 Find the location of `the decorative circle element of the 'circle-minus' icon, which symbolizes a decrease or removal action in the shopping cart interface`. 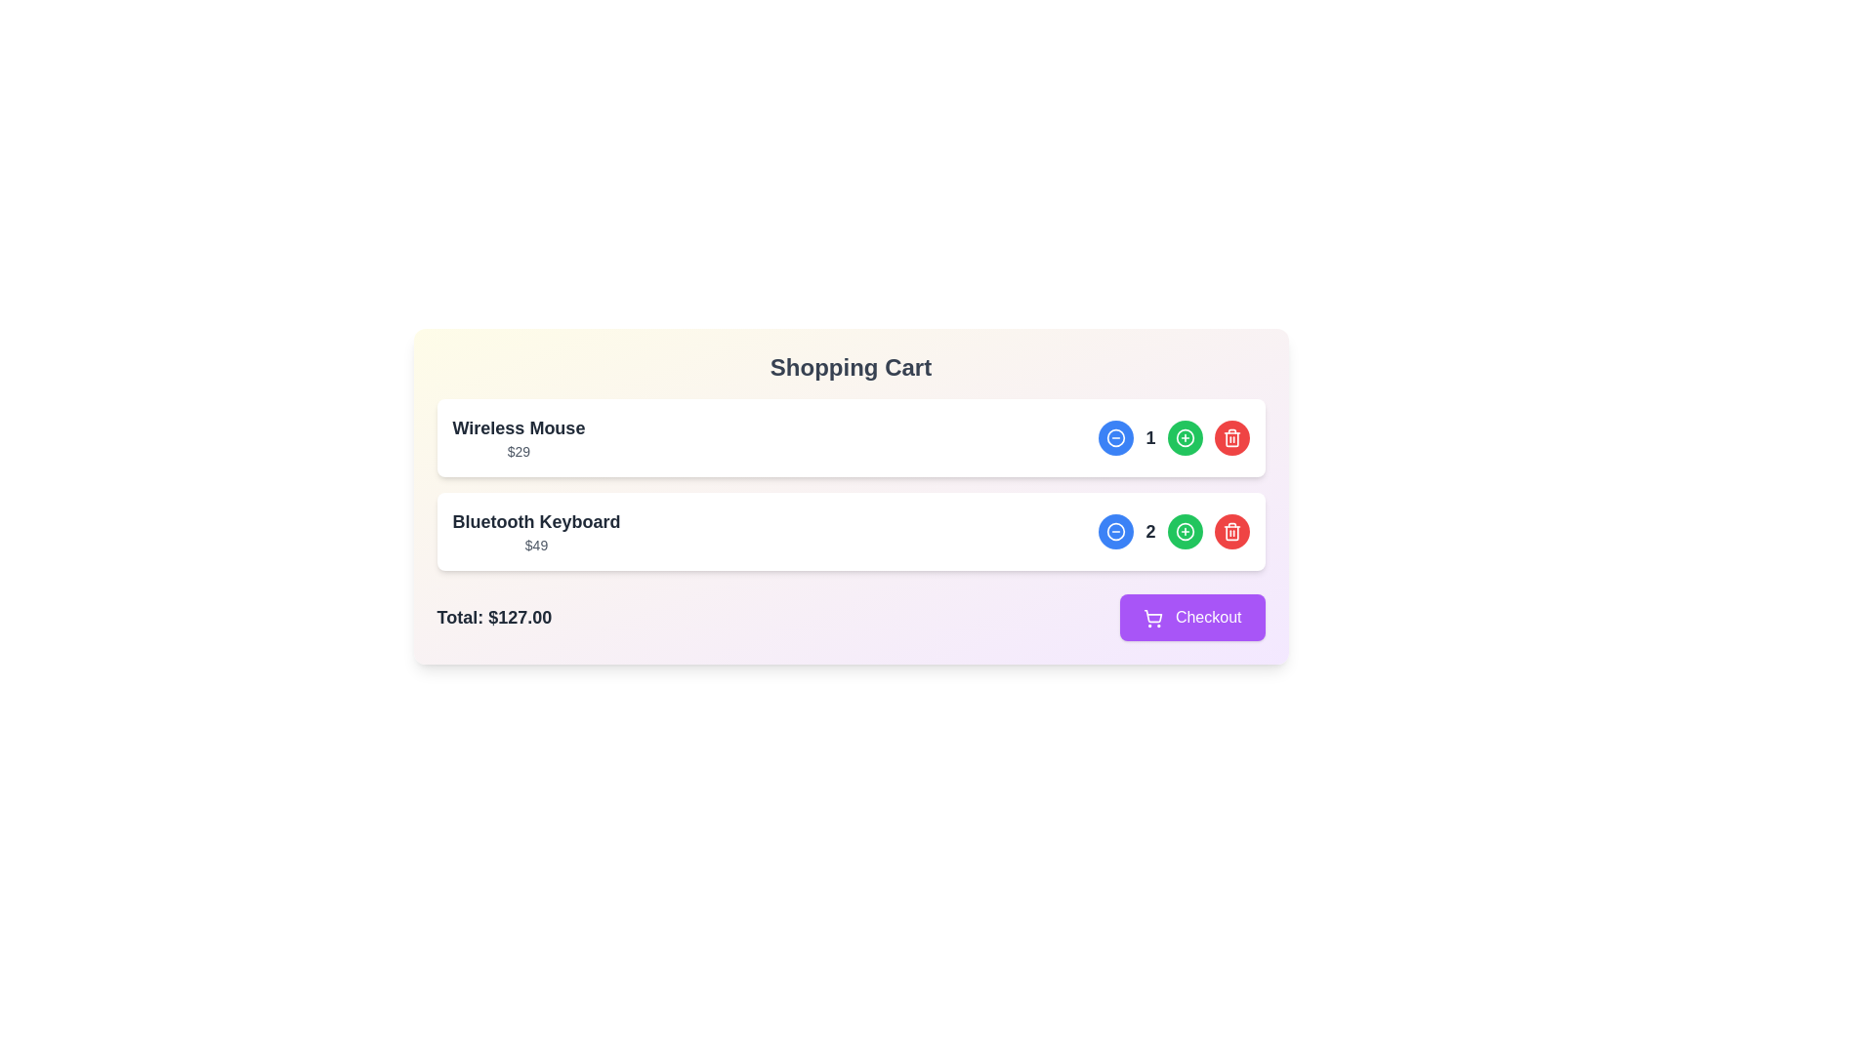

the decorative circle element of the 'circle-minus' icon, which symbolizes a decrease or removal action in the shopping cart interface is located at coordinates (1116, 436).